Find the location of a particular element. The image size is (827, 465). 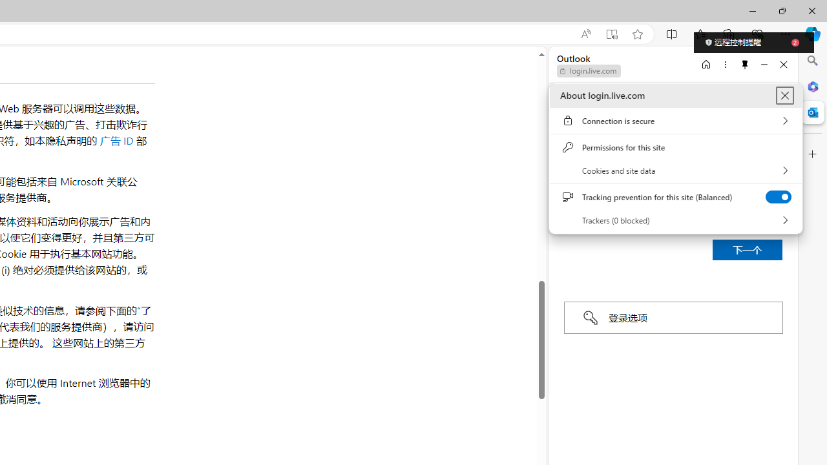

'Cookies and site data' is located at coordinates (675, 170).